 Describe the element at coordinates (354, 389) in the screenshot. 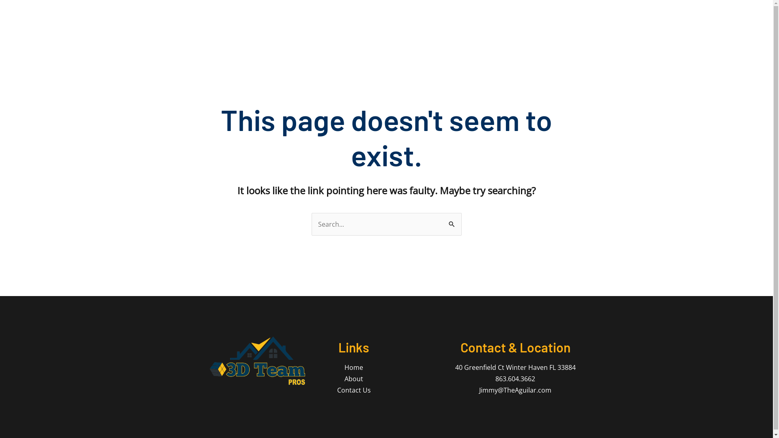

I see `'Contact Us'` at that location.